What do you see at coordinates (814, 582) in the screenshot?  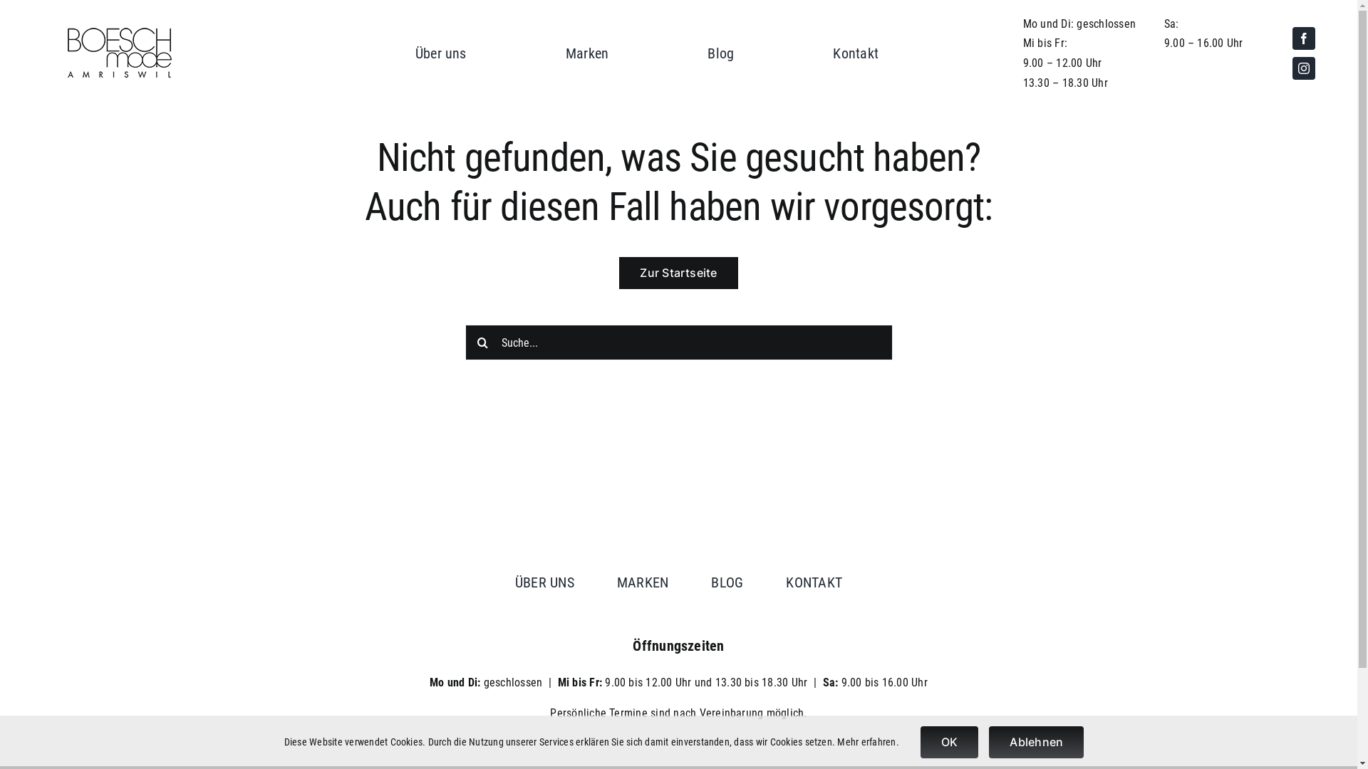 I see `'KONTAKT'` at bounding box center [814, 582].